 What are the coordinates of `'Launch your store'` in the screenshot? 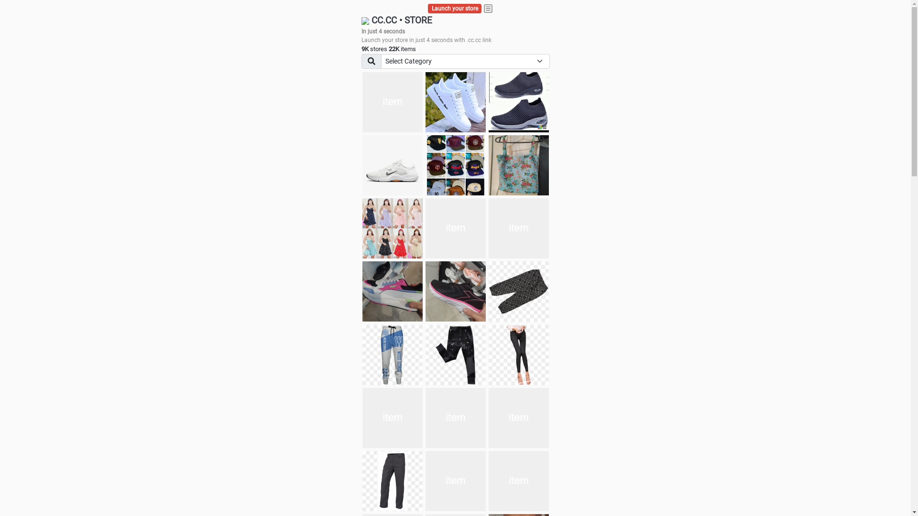 It's located at (454, 9).